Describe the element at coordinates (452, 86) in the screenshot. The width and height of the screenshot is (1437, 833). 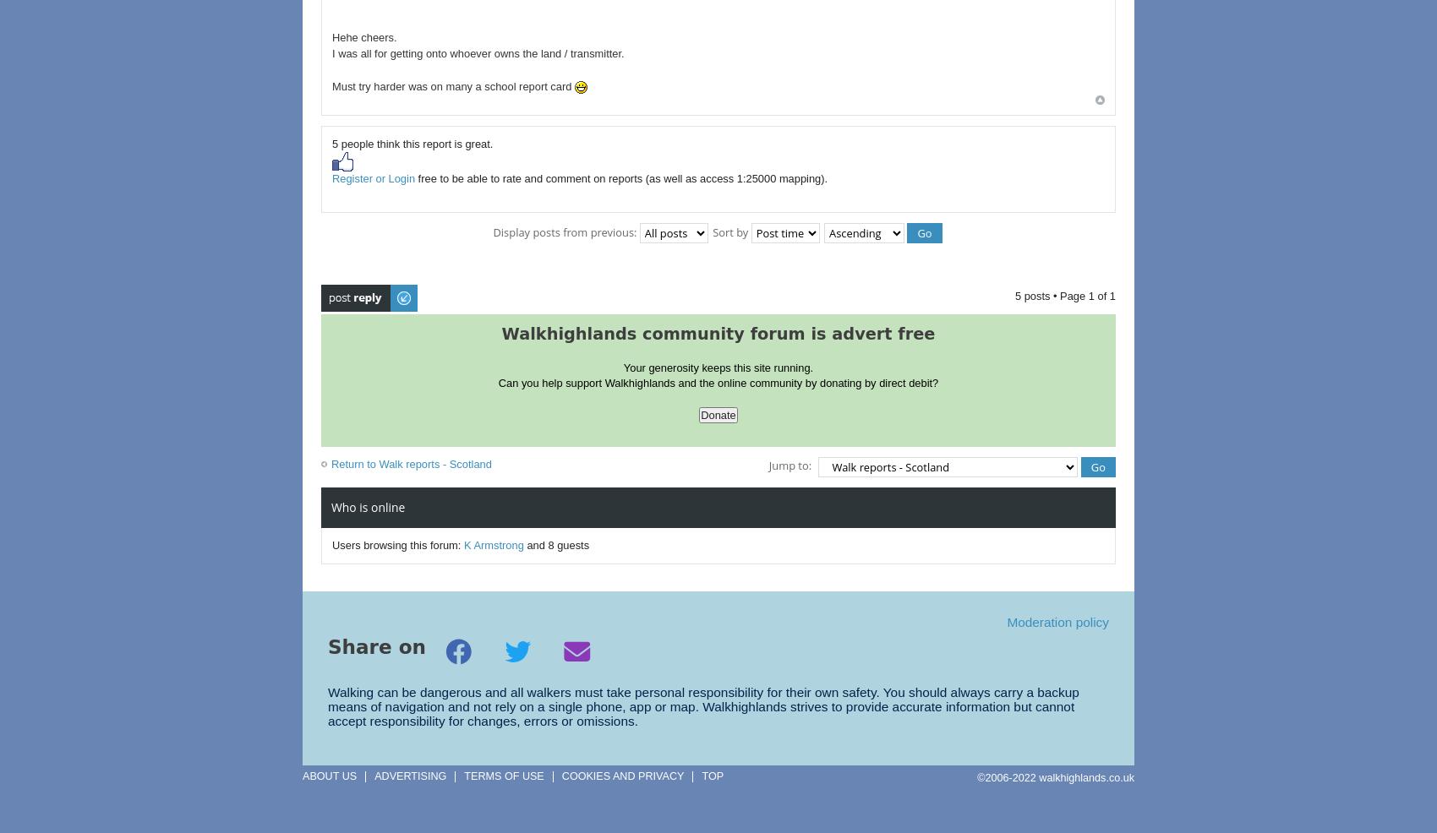
I see `'Must try harder was on many a school report card'` at that location.